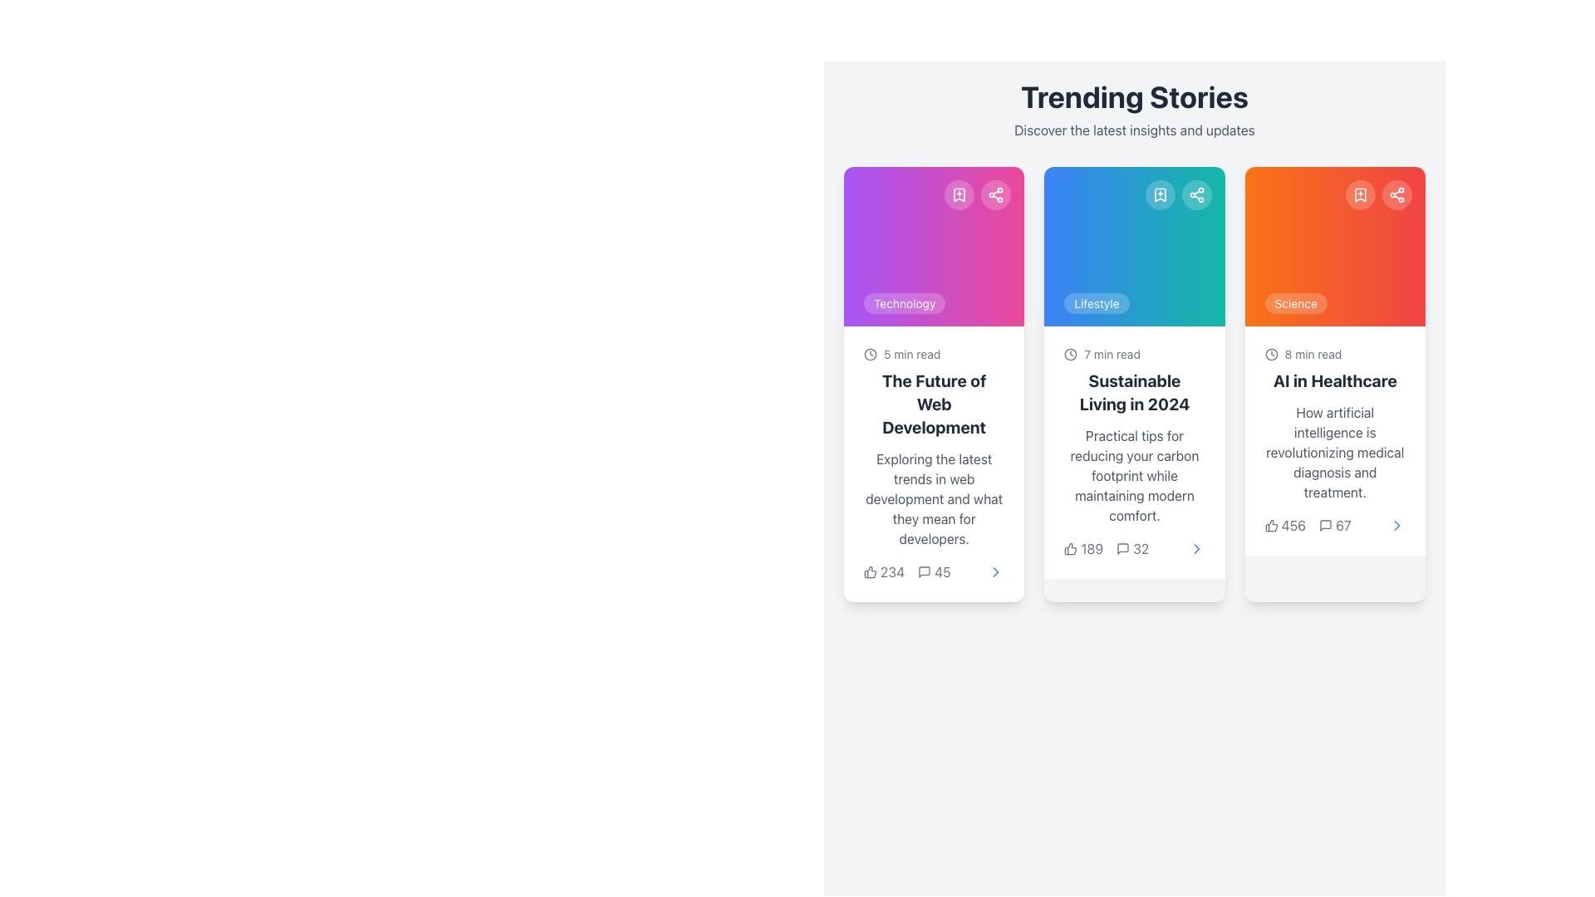 The image size is (1595, 897). Describe the element at coordinates (924, 571) in the screenshot. I see `the square-shaped icon resembling a speech bubble, located to the left of the numeric label '45' in the bottom section of the trending content card` at that location.